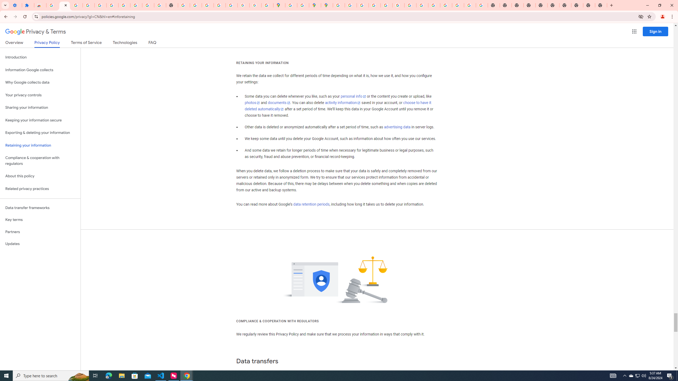 This screenshot has width=678, height=381. Describe the element at coordinates (374, 5) in the screenshot. I see `'Privacy Help Center - Policies Help'` at that location.